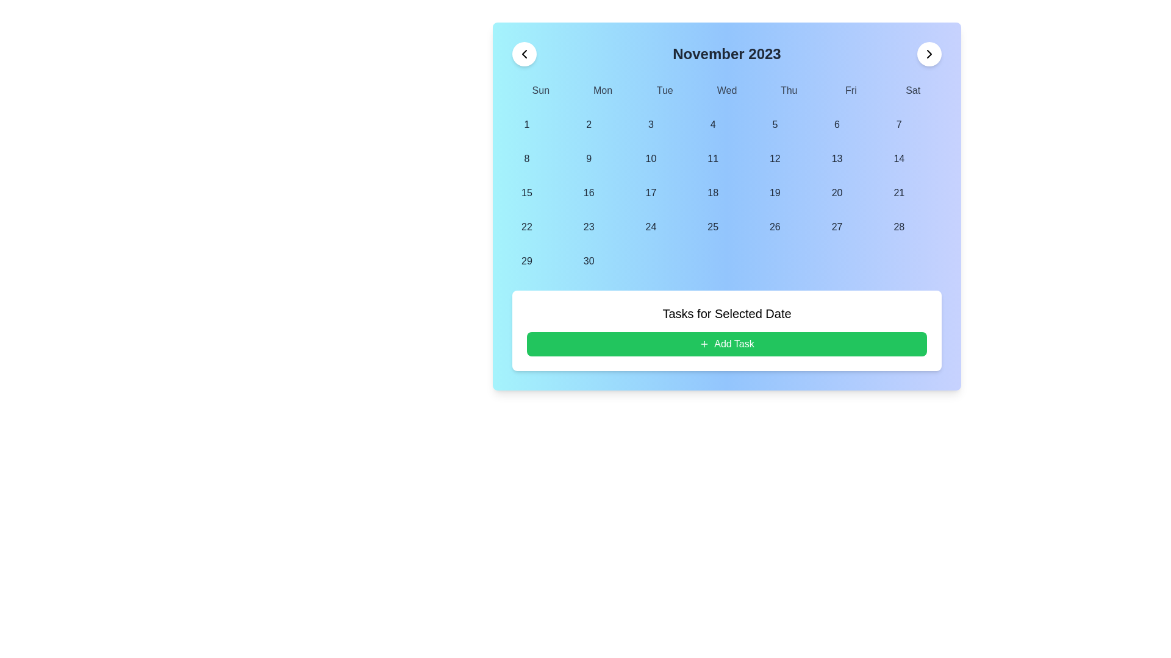  Describe the element at coordinates (726, 313) in the screenshot. I see `the Text Label that serves as a header indicating tasks for a specific selected date, located above the 'Add Task' button` at that location.